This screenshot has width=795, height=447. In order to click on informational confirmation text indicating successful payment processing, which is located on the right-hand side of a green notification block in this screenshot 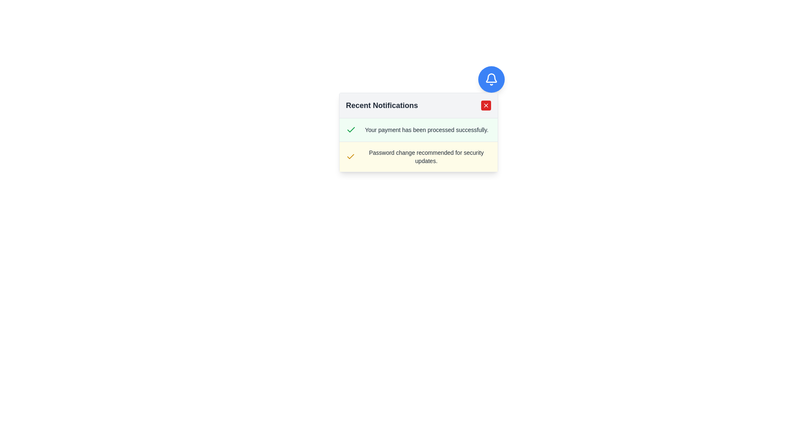, I will do `click(426, 130)`.